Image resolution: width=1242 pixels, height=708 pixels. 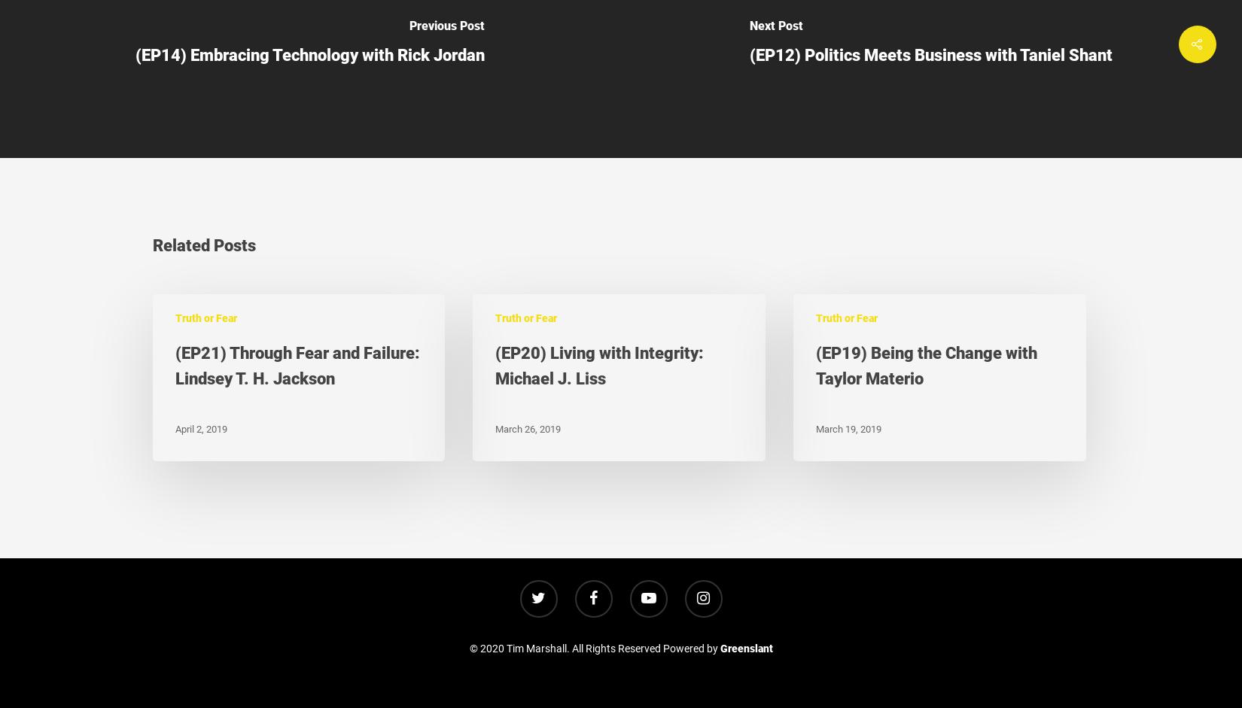 What do you see at coordinates (203, 244) in the screenshot?
I see `'Related Posts'` at bounding box center [203, 244].